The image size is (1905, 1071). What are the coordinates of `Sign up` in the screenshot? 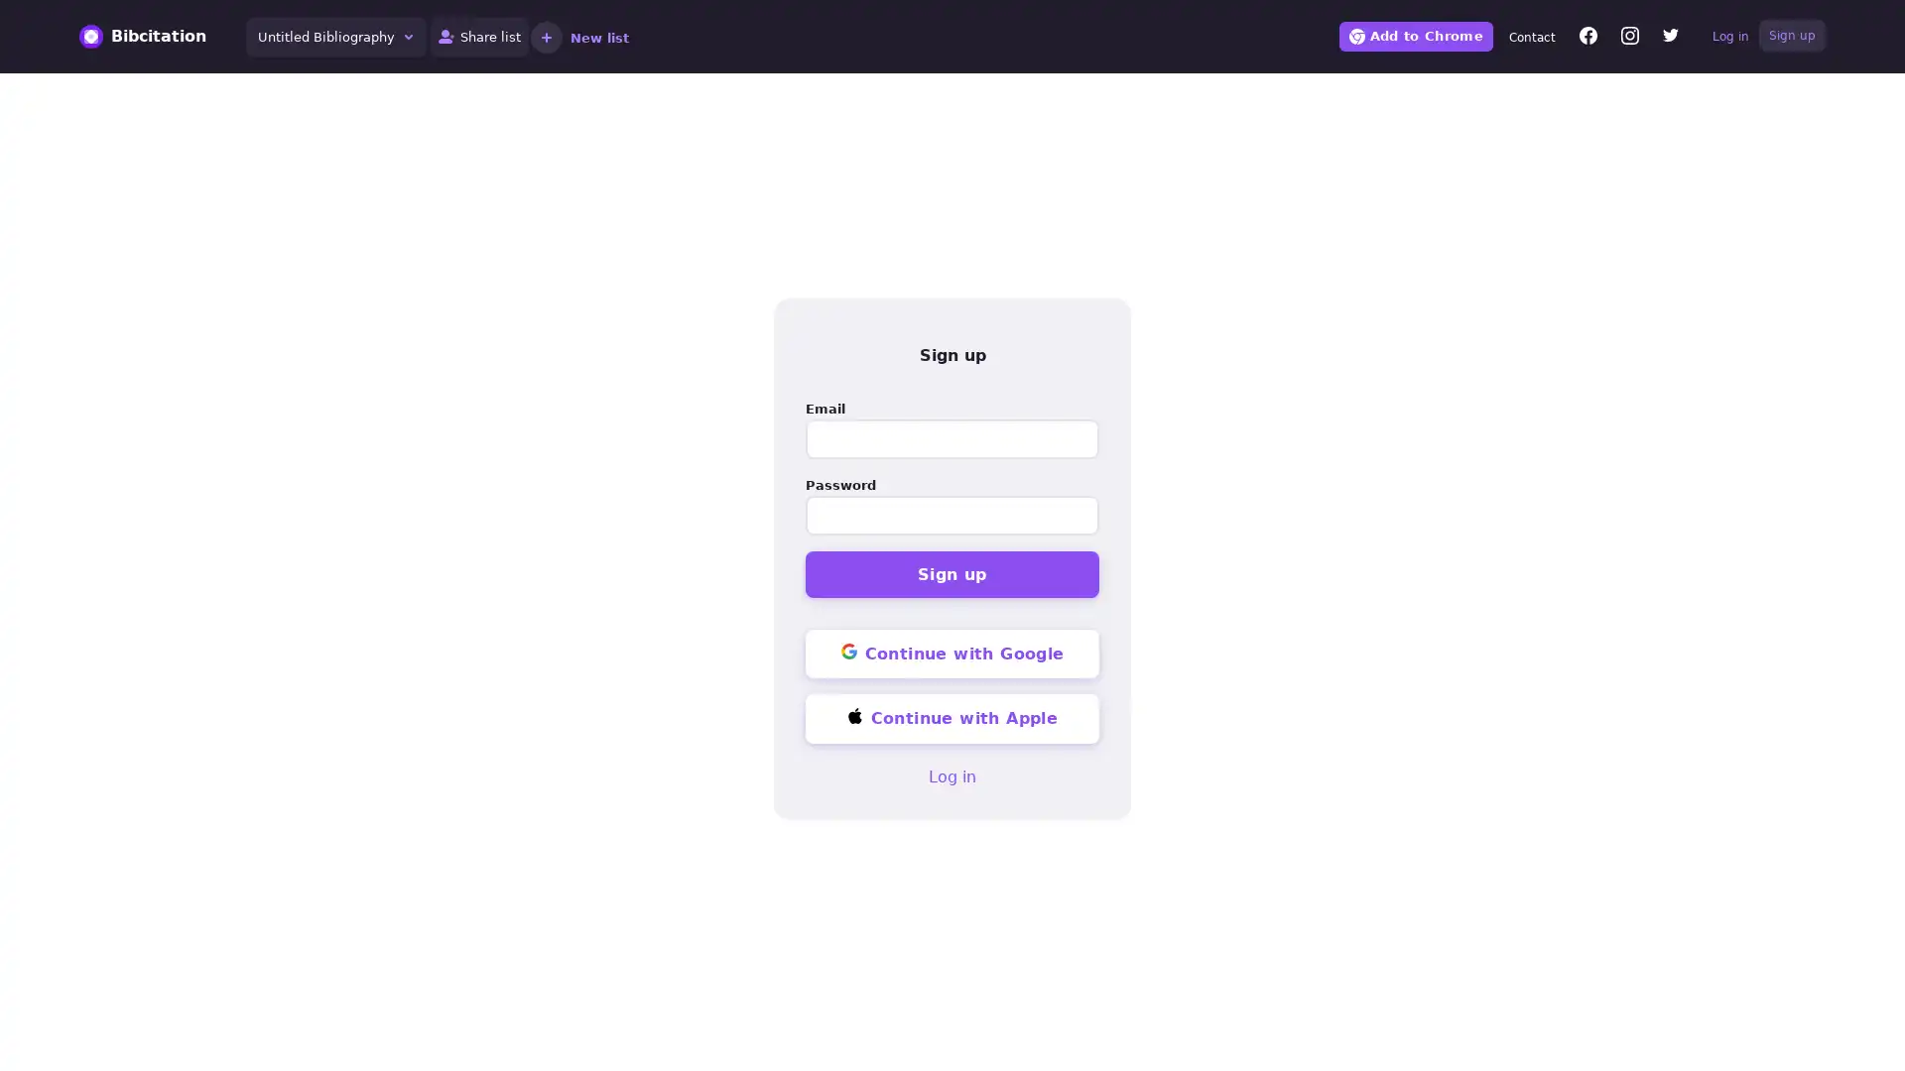 It's located at (952, 573).